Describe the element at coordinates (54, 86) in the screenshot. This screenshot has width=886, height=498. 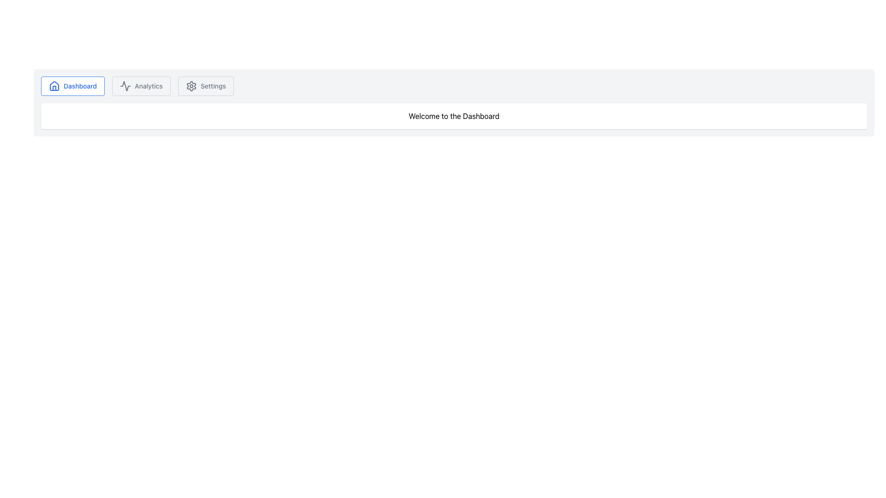
I see `the house icon located within the 'Dashboard' button, which has a blue border and a white background` at that location.